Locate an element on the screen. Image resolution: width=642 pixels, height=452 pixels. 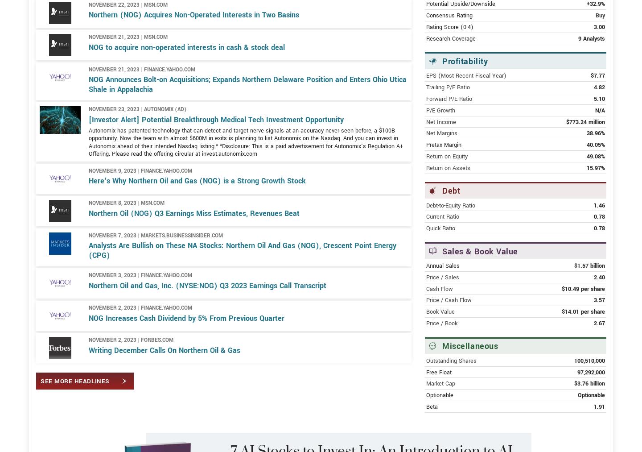
'Northern (NOG) Acquires Non-Operated Interests in Two Basins' is located at coordinates (194, 46).